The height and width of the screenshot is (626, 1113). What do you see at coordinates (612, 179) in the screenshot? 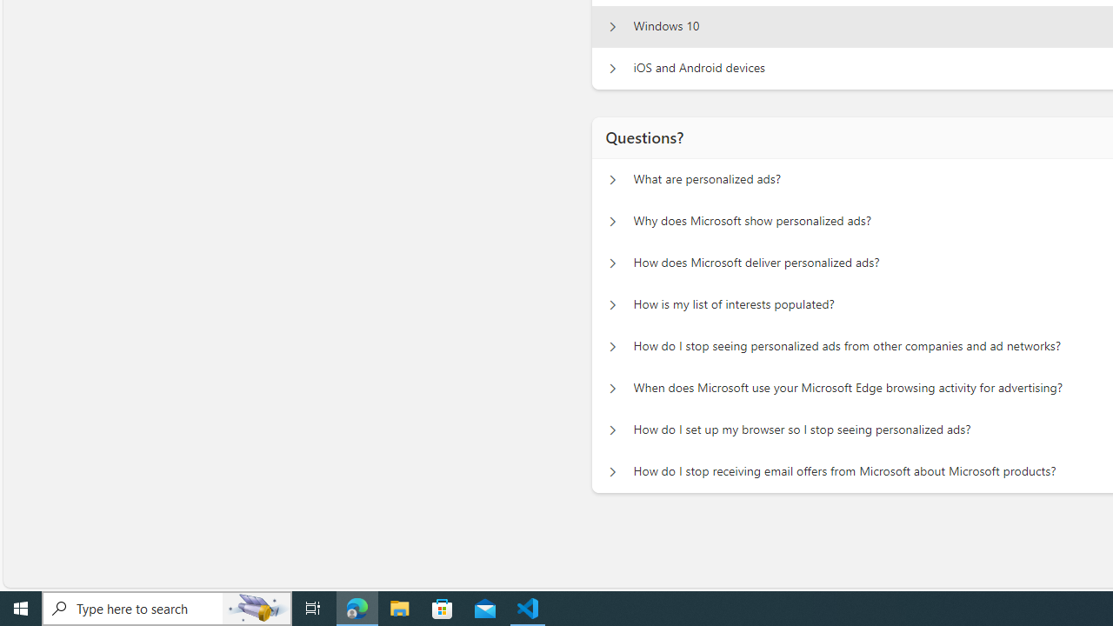
I see `'Questions? What are personalized ads?'` at bounding box center [612, 179].